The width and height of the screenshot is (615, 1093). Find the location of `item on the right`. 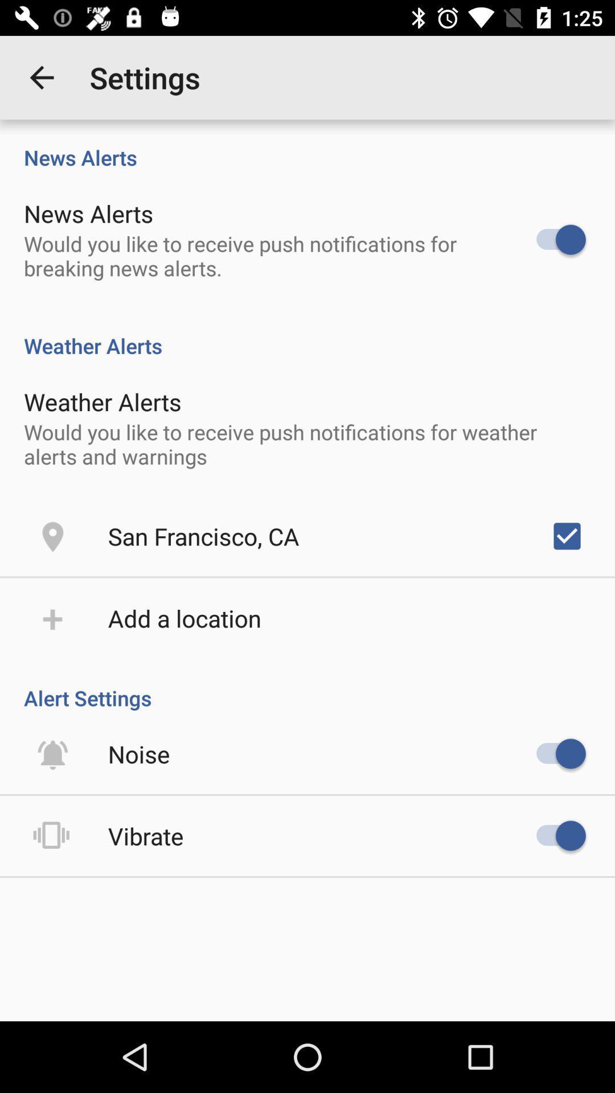

item on the right is located at coordinates (567, 535).